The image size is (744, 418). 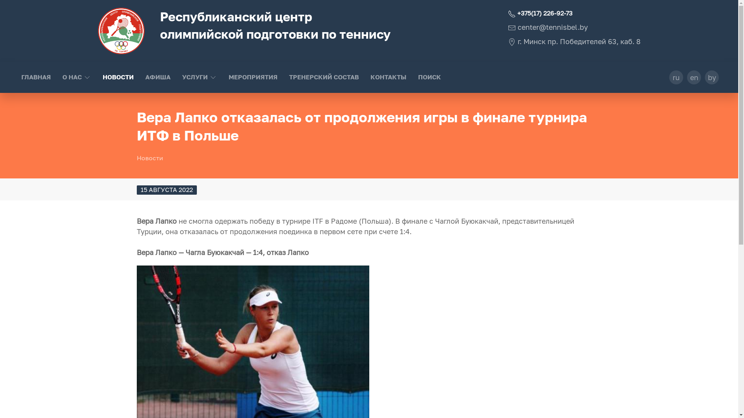 I want to click on 'ru', so click(x=676, y=77).